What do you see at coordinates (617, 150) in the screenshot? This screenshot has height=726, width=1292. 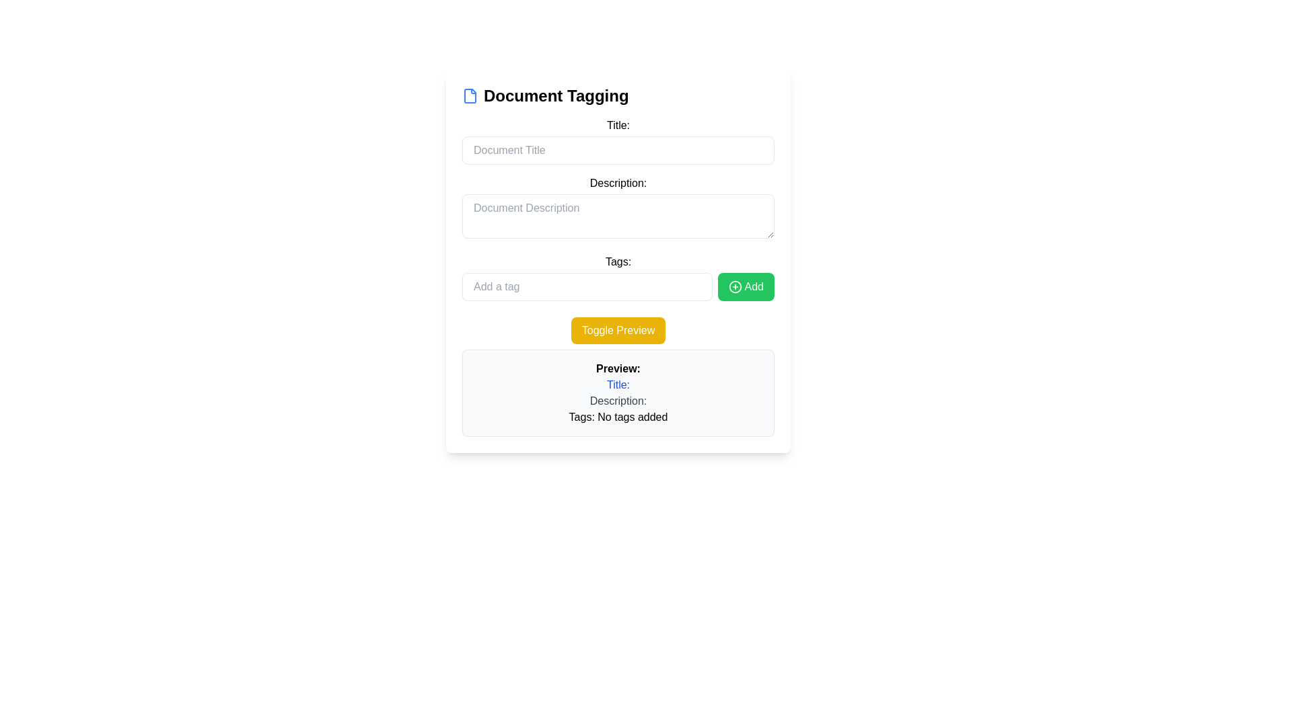 I see `the Text input box with the placeholder 'Document Title' using tab navigation to focus on it` at bounding box center [617, 150].